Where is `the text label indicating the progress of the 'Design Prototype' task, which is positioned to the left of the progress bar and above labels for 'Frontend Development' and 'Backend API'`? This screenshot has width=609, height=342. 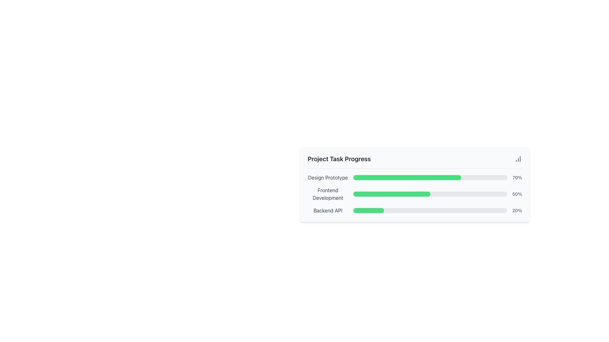 the text label indicating the progress of the 'Design Prototype' task, which is positioned to the left of the progress bar and above labels for 'Frontend Development' and 'Backend API' is located at coordinates (328, 177).